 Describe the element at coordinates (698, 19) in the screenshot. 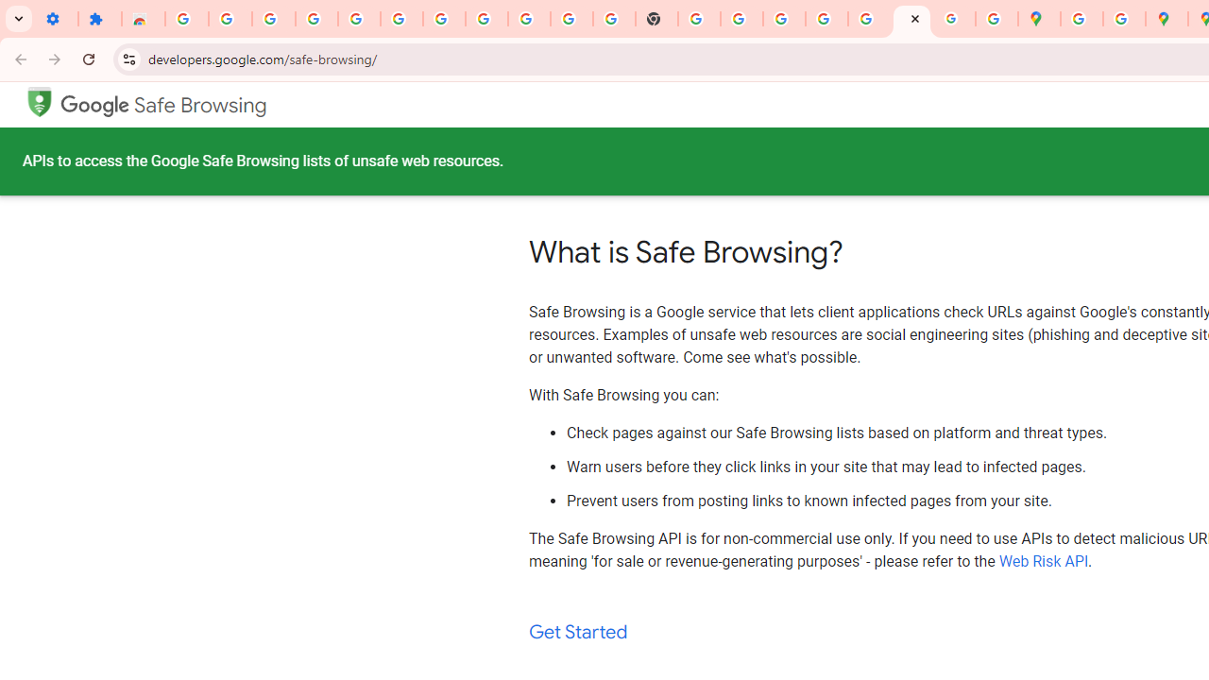

I see `'https://scholar.google.com/'` at that location.